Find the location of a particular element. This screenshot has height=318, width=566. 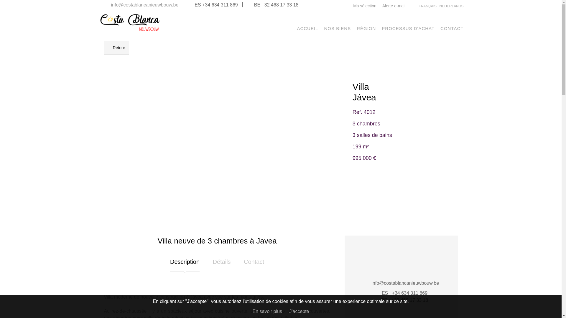

'NEDERLANDS' is located at coordinates (451, 6).